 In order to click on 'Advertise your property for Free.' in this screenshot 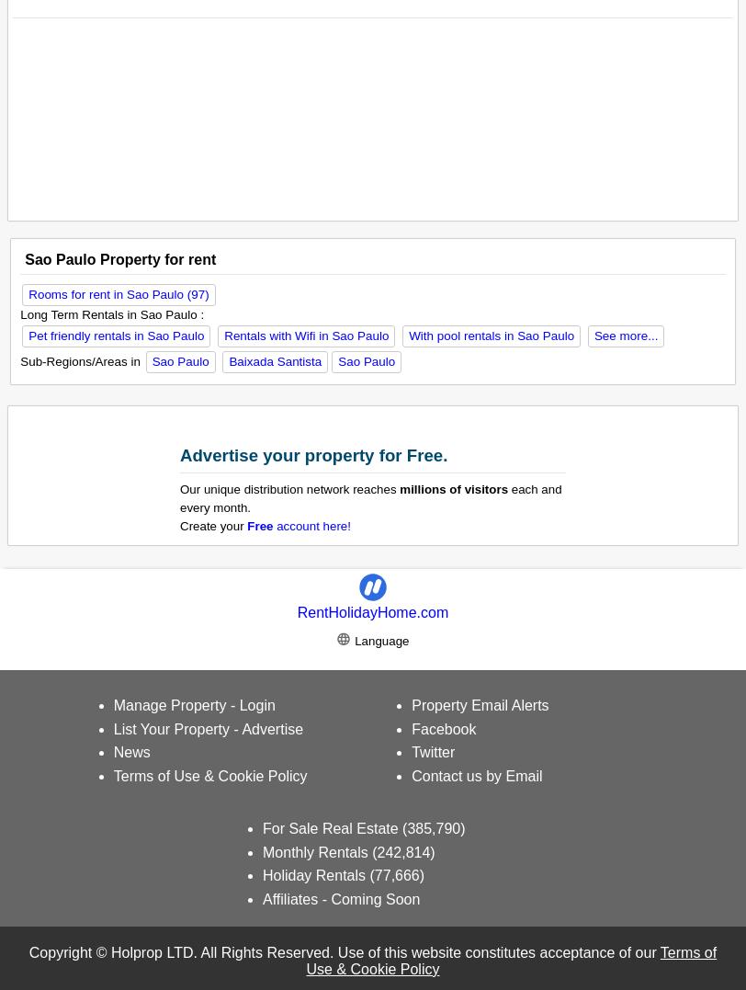, I will do `click(313, 454)`.